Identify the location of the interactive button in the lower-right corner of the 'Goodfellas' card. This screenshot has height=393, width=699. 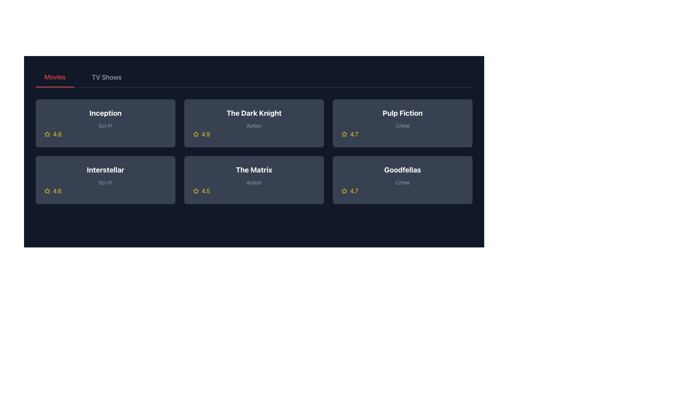
(426, 180).